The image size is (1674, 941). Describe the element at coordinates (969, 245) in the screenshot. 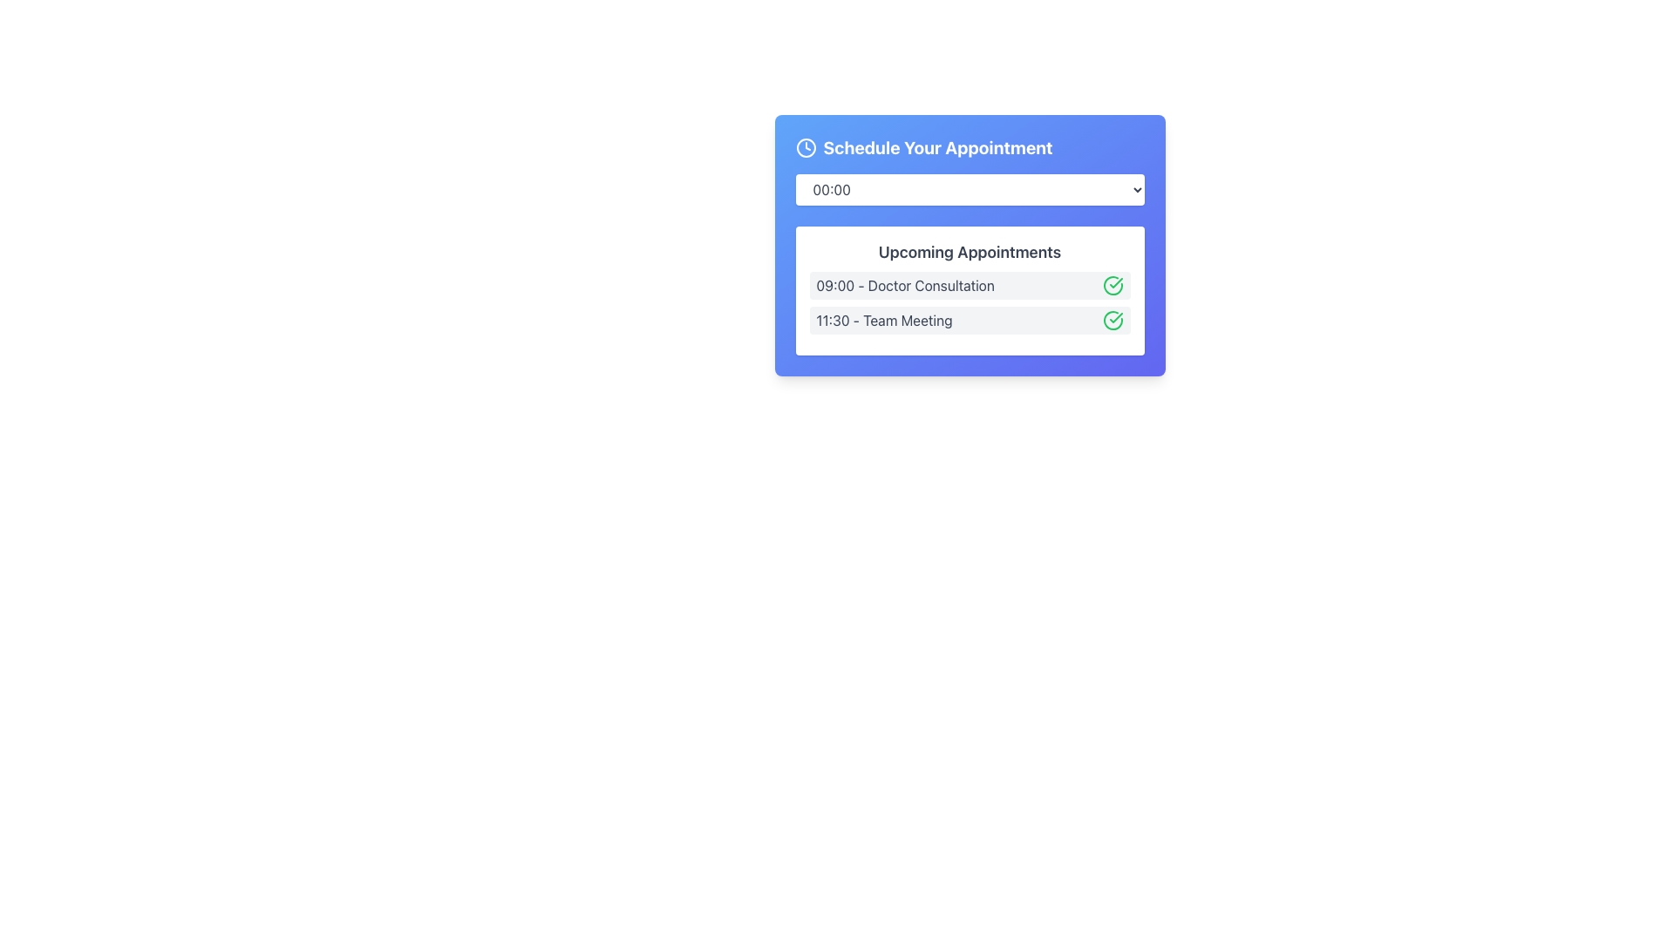

I see `the Text header that serves as a title for the upcoming appointments list, located in the central section of the blue box component` at that location.